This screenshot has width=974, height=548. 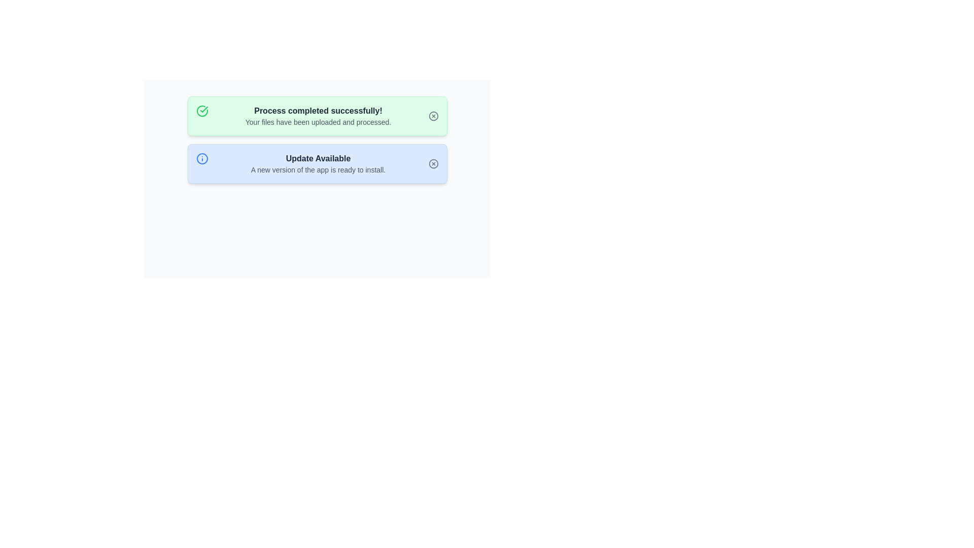 I want to click on success message displayed in the green notification panel indicating that files have been uploaded and processed successfully, so click(x=318, y=115).